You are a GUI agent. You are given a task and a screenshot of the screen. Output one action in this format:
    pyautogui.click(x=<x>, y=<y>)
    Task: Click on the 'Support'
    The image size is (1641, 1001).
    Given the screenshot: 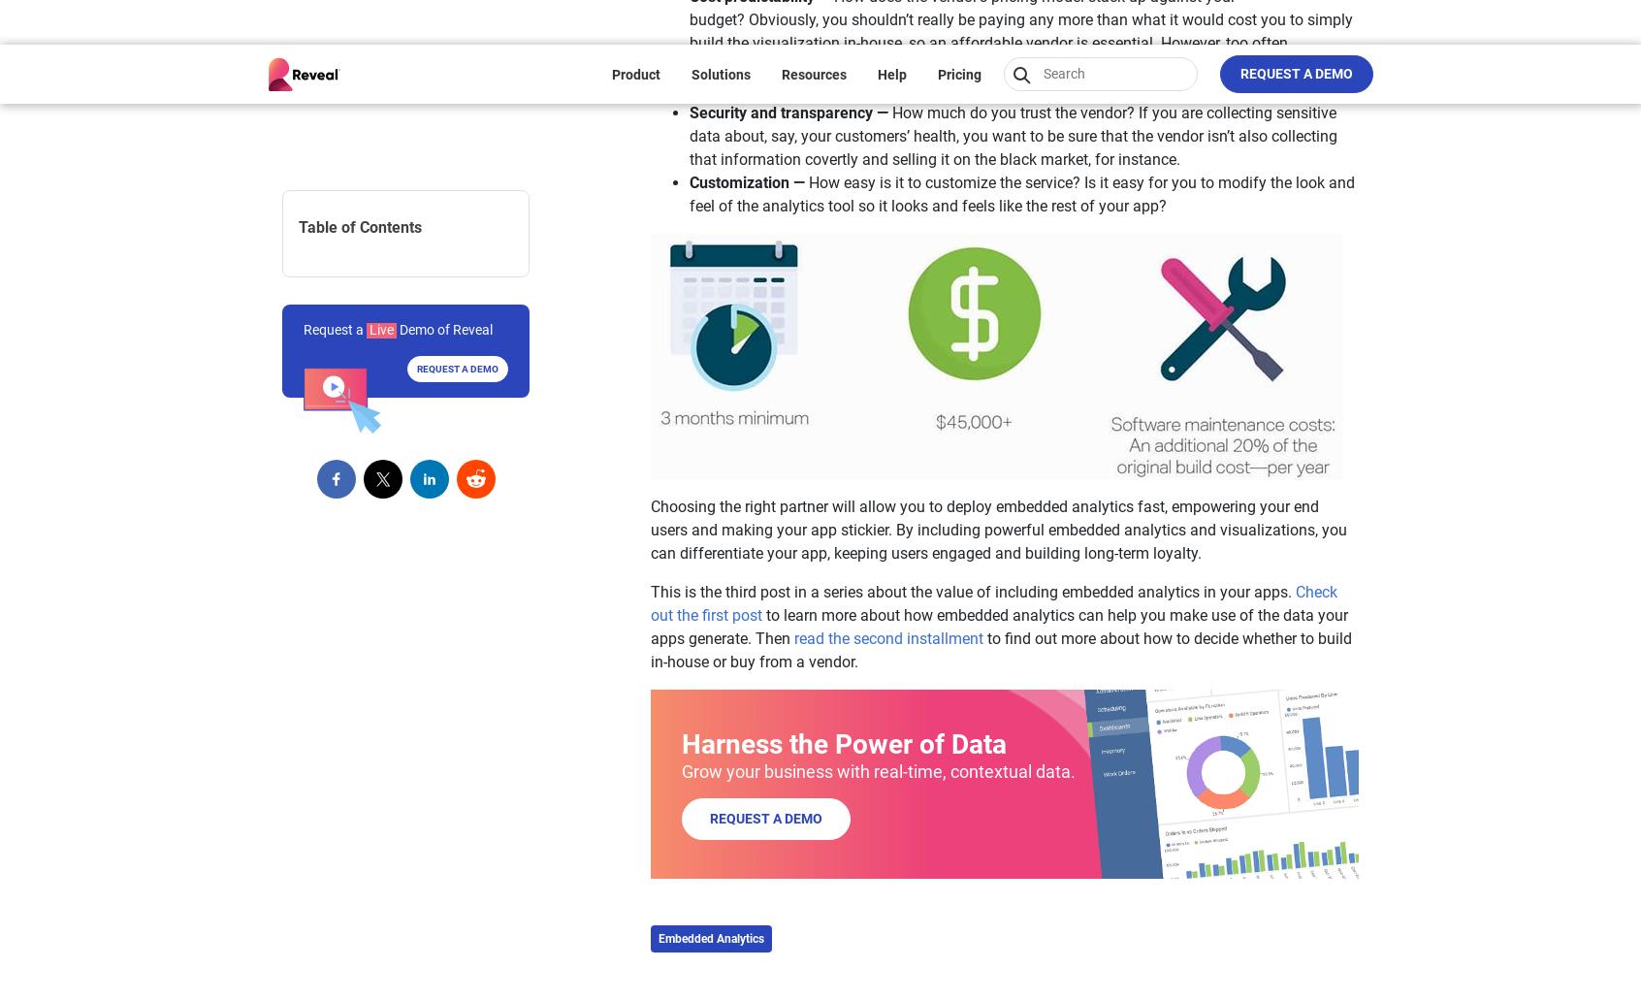 What is the action you would take?
    pyautogui.click(x=686, y=475)
    